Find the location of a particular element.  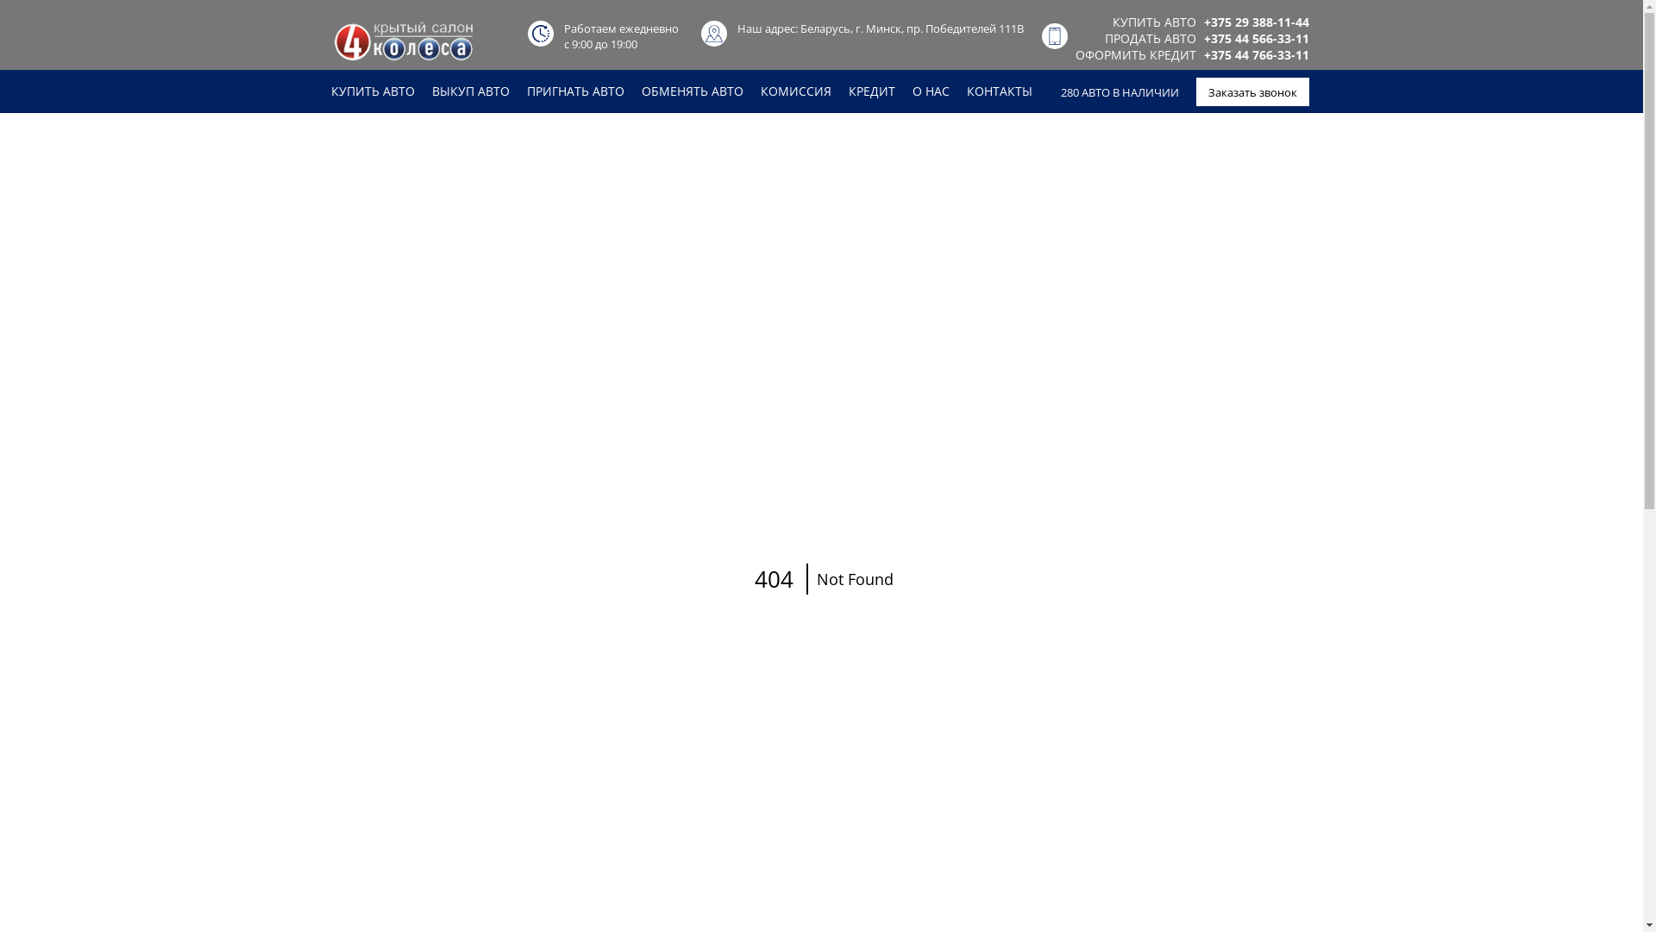

'+375 44 766-33-11' is located at coordinates (1257, 54).